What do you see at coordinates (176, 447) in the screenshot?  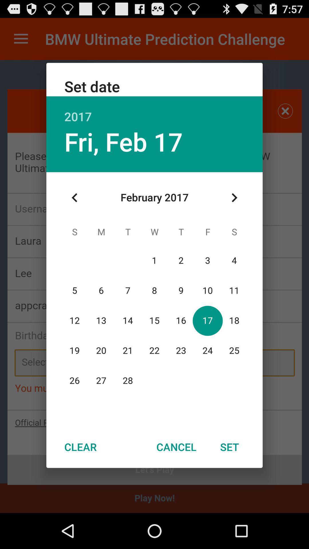 I see `item next to set item` at bounding box center [176, 447].